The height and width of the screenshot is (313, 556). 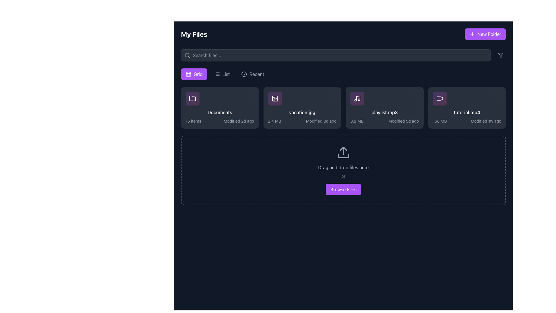 What do you see at coordinates (403, 121) in the screenshot?
I see `the static text label displaying the last modification information for the file 'playlist.mp3', which reads 'Modified 5d ago' and is styled in subtle gray color, located in the bottom-right corner of the file's representation box` at bounding box center [403, 121].